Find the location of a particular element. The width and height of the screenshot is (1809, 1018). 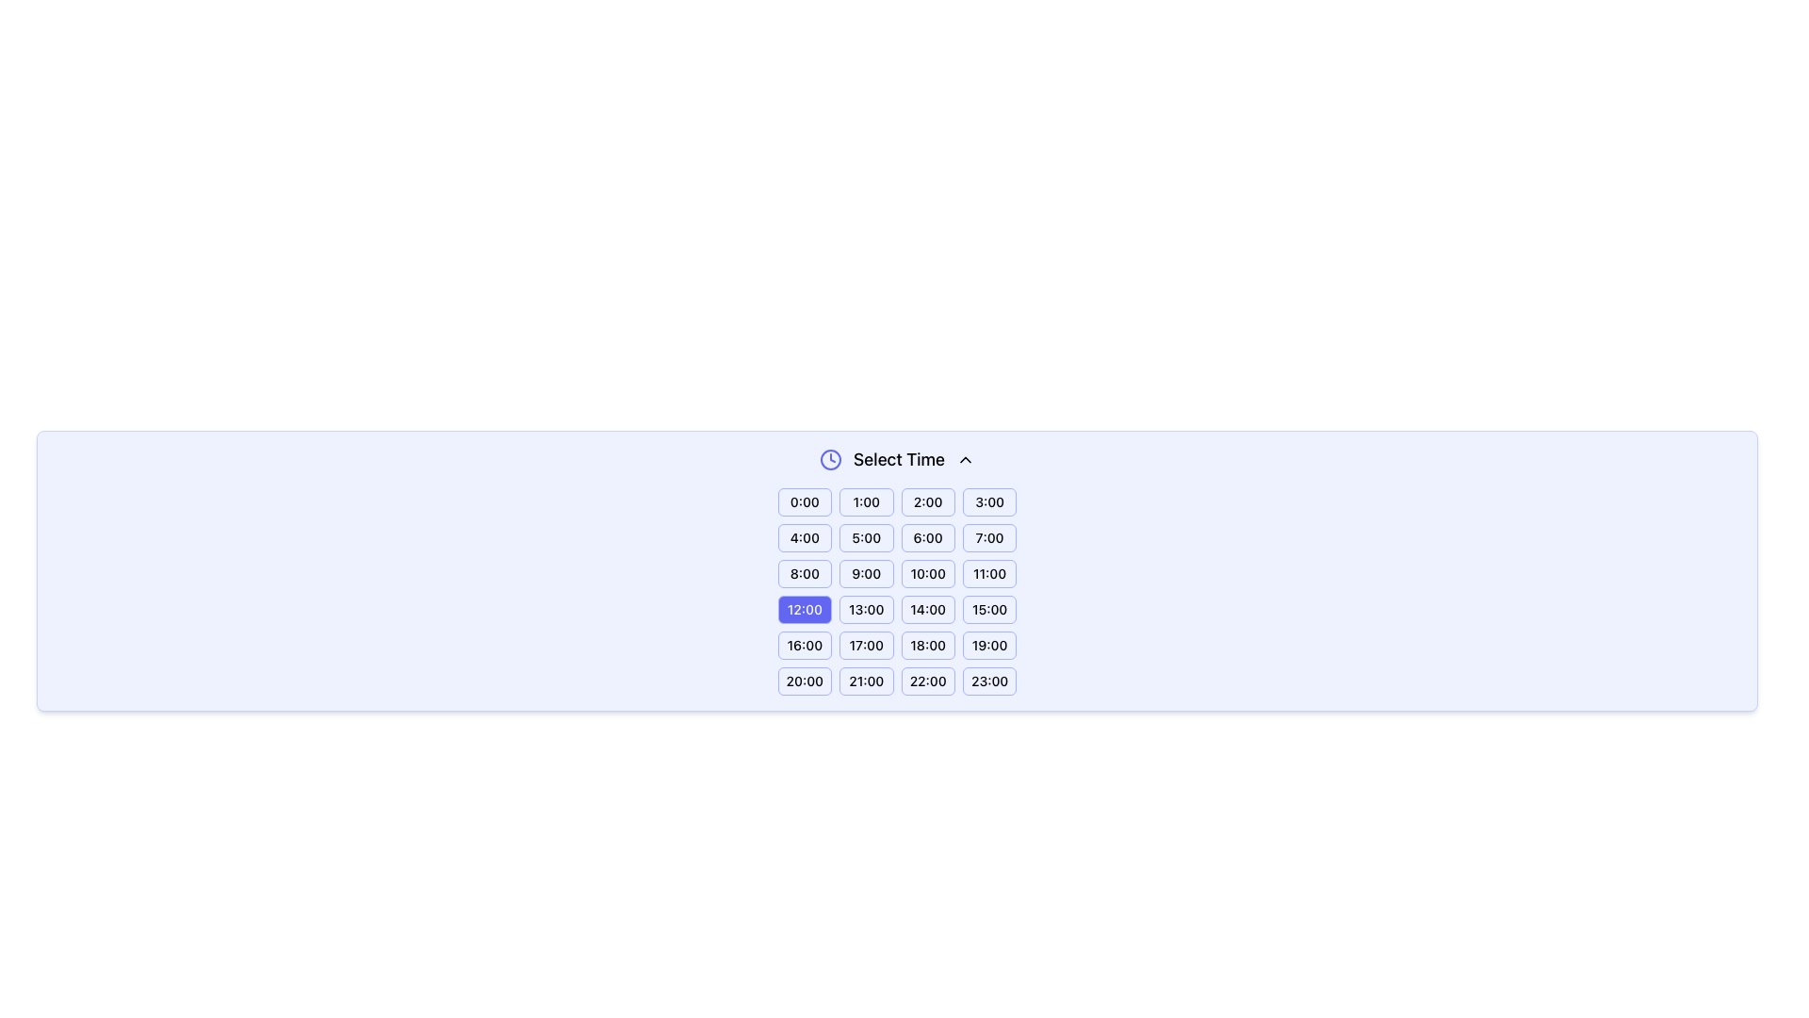

the time selection button representing 0:00, located in the top left corner of the grid layout of time-selector buttons is located at coordinates (805, 501).